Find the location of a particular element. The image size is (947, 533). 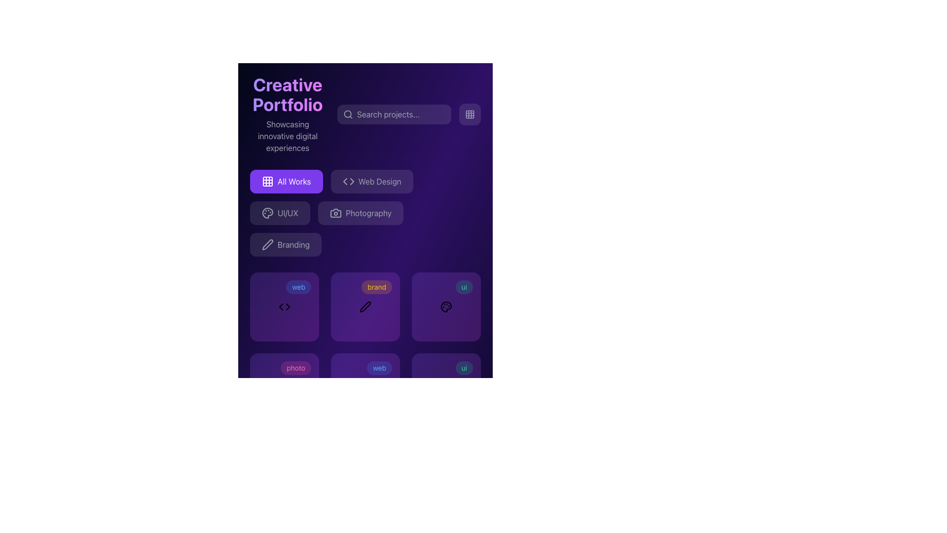

the left-pointing arrow within the 'code' icon, which is part of the 'Web Design' button located in the second row of buttons is located at coordinates (345, 181).